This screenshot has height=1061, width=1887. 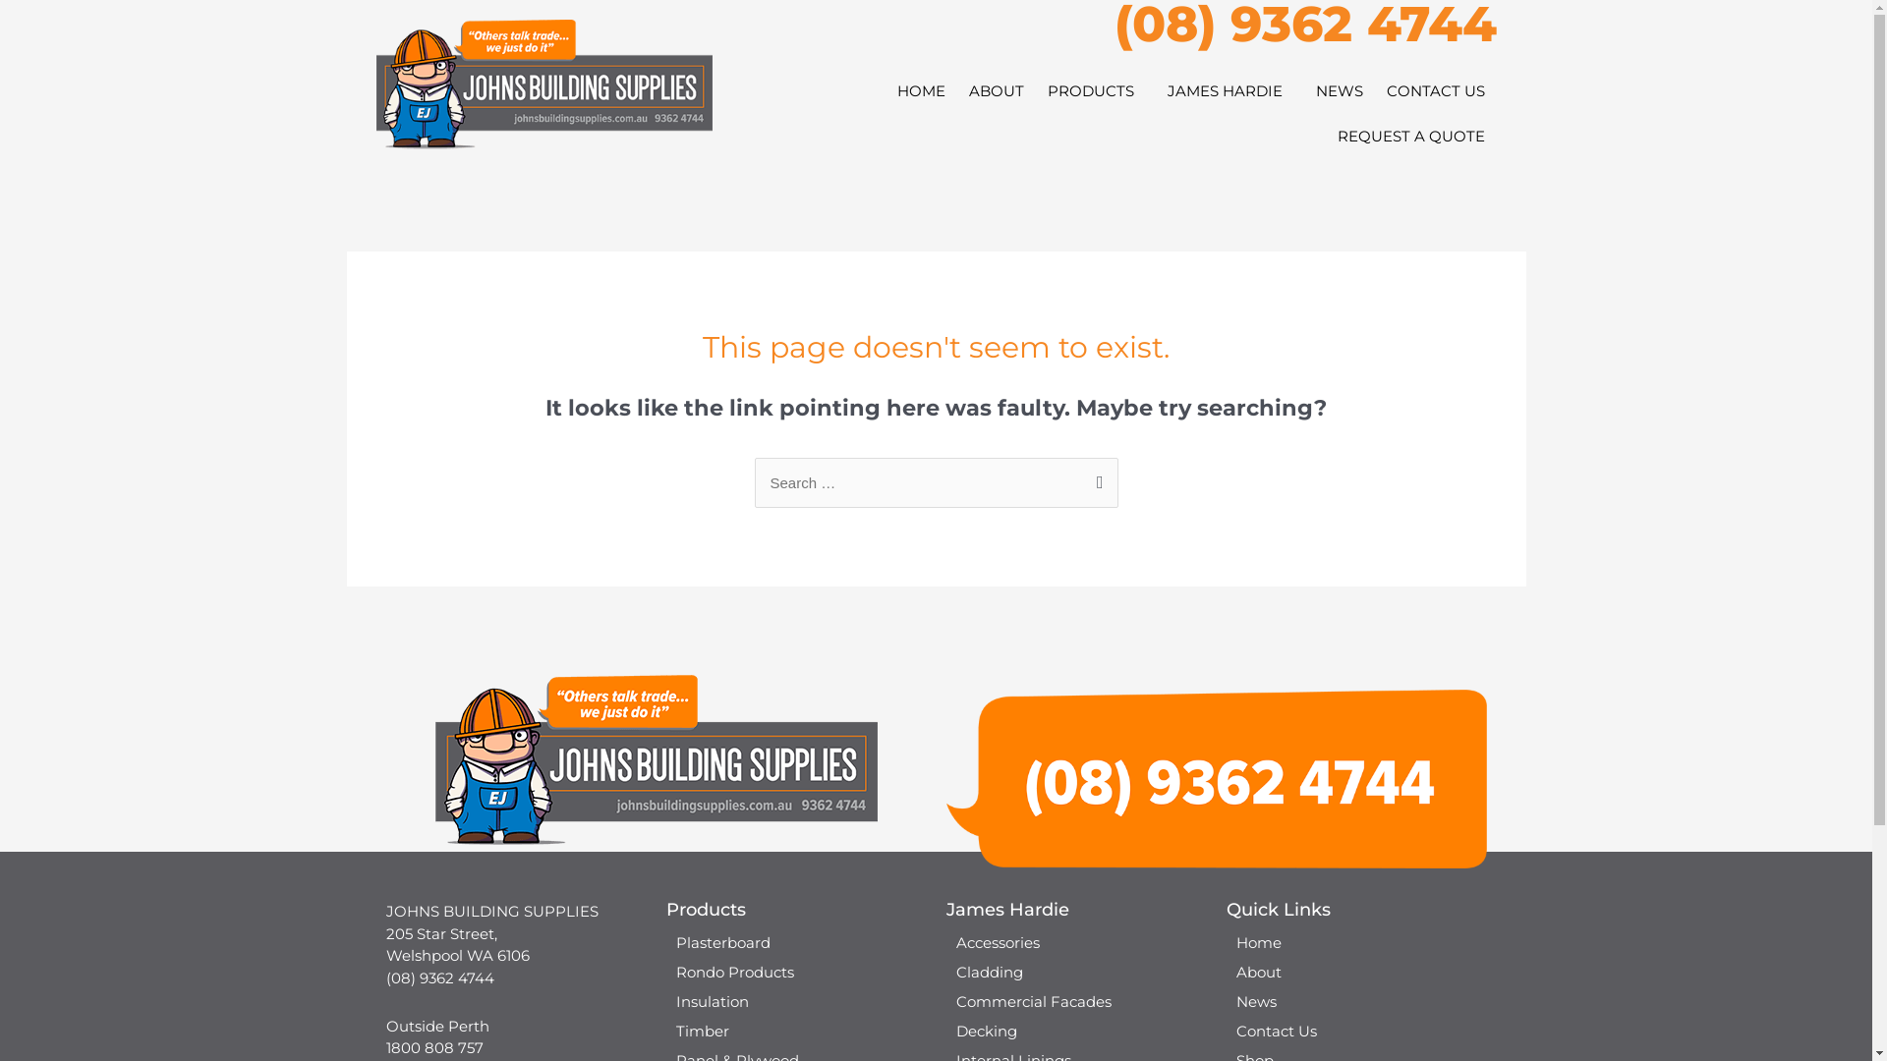 What do you see at coordinates (1355, 1001) in the screenshot?
I see `'News'` at bounding box center [1355, 1001].